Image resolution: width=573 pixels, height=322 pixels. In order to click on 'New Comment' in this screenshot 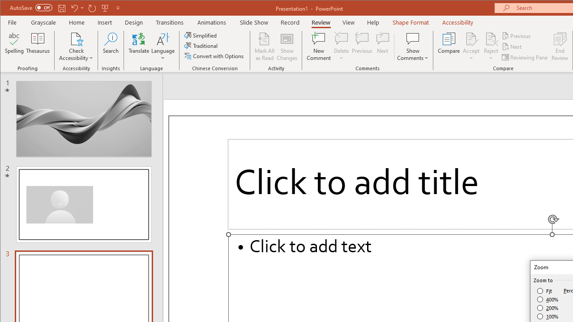, I will do `click(319, 47)`.